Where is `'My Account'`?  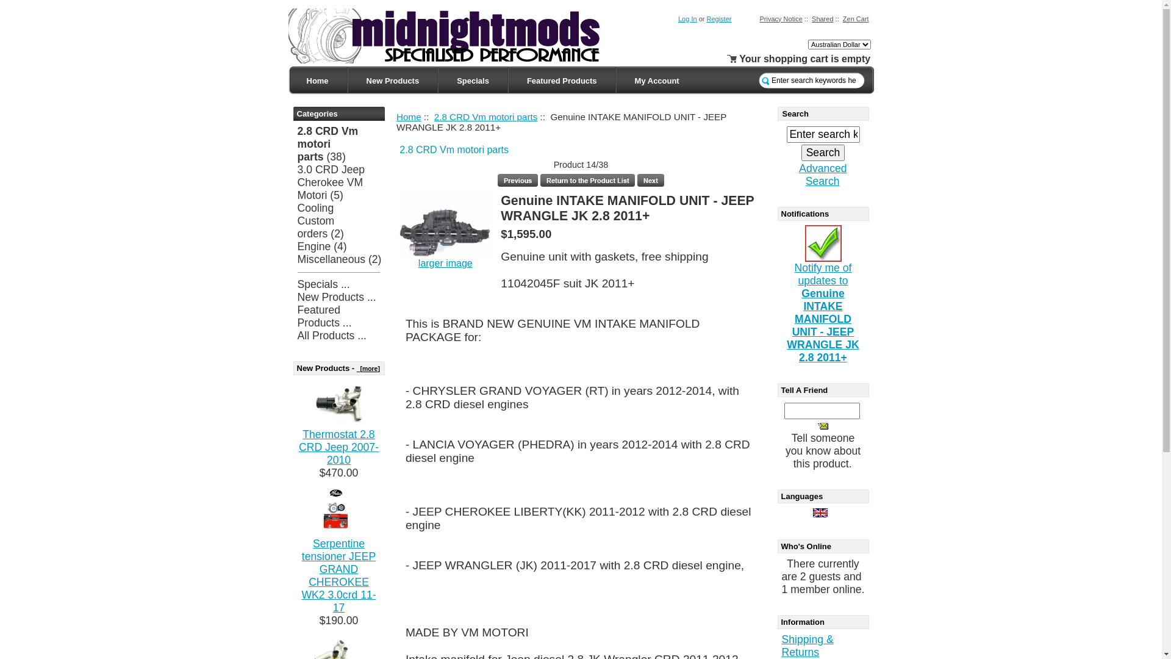 'My Account' is located at coordinates (656, 81).